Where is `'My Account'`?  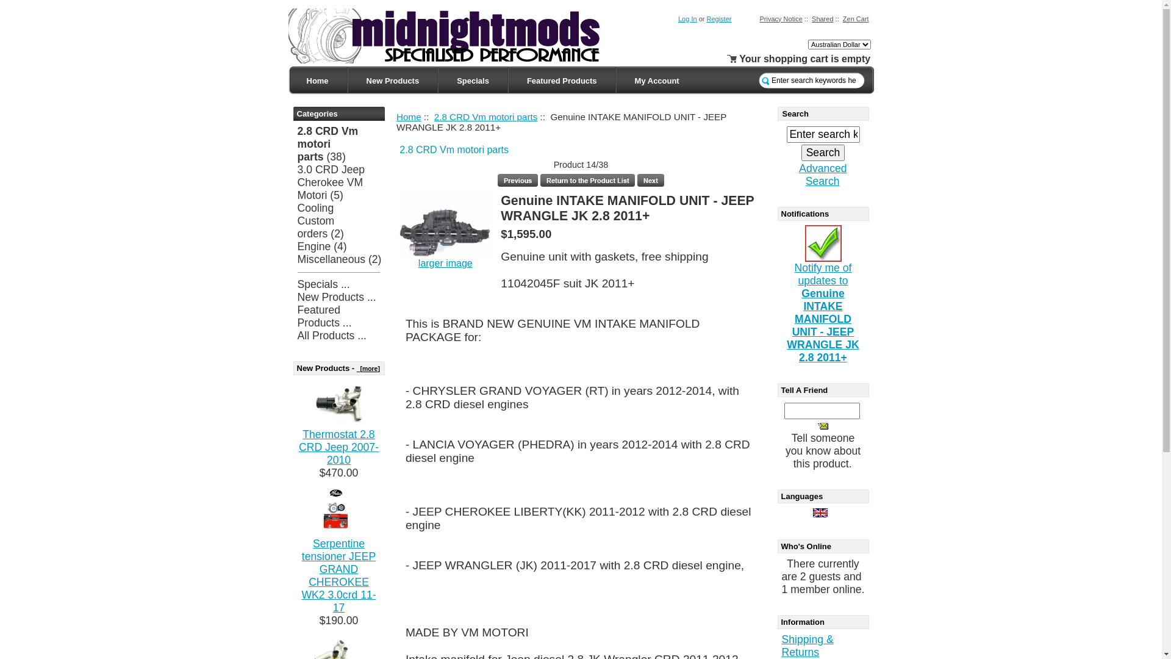 'My Account' is located at coordinates (656, 81).